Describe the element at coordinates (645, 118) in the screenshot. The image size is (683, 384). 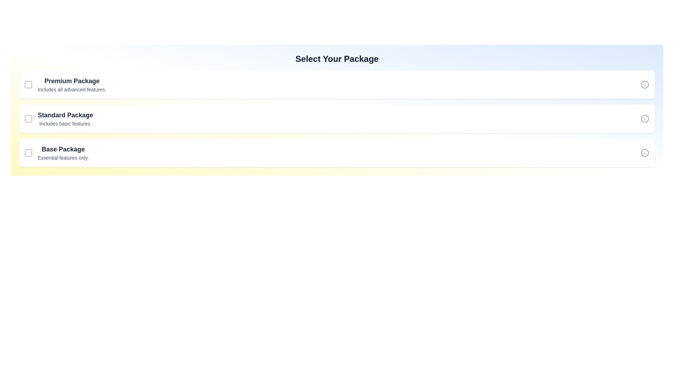
I see `information icon for Standard Package` at that location.